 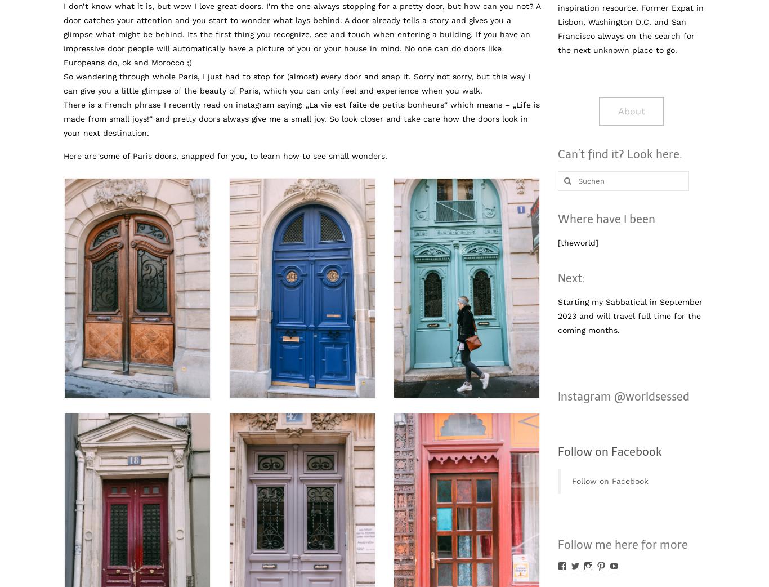 What do you see at coordinates (605, 218) in the screenshot?
I see `'Where have I been'` at bounding box center [605, 218].